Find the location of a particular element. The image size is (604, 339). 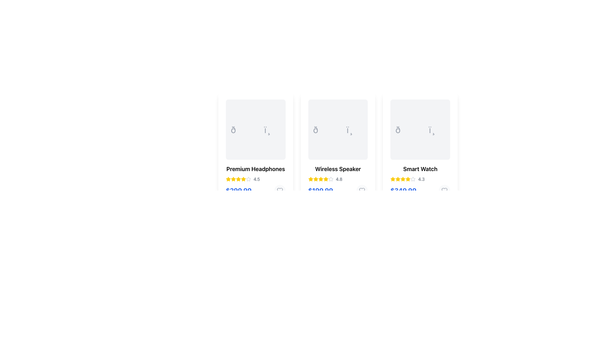

the price label of the 'Wireless Speaker' product located at the bottom center of the second product card from the left is located at coordinates (321, 190).